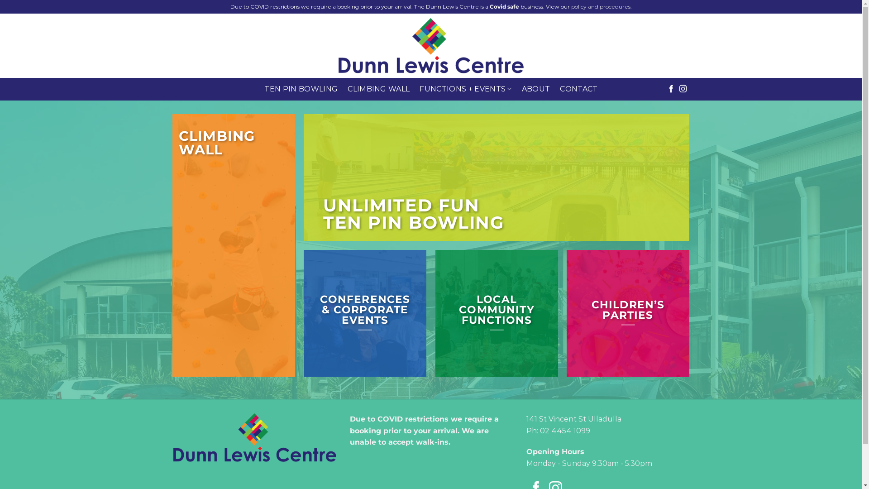 This screenshot has height=489, width=869. What do you see at coordinates (365, 309) in the screenshot?
I see `'CONFERENCES & CORPORATE EVENTS'` at bounding box center [365, 309].